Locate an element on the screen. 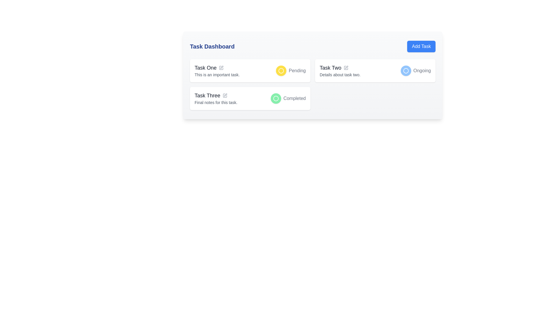 The image size is (556, 312). the small square pen icon, which is positioned immediately to the right of the 'Task One' label is located at coordinates (221, 68).